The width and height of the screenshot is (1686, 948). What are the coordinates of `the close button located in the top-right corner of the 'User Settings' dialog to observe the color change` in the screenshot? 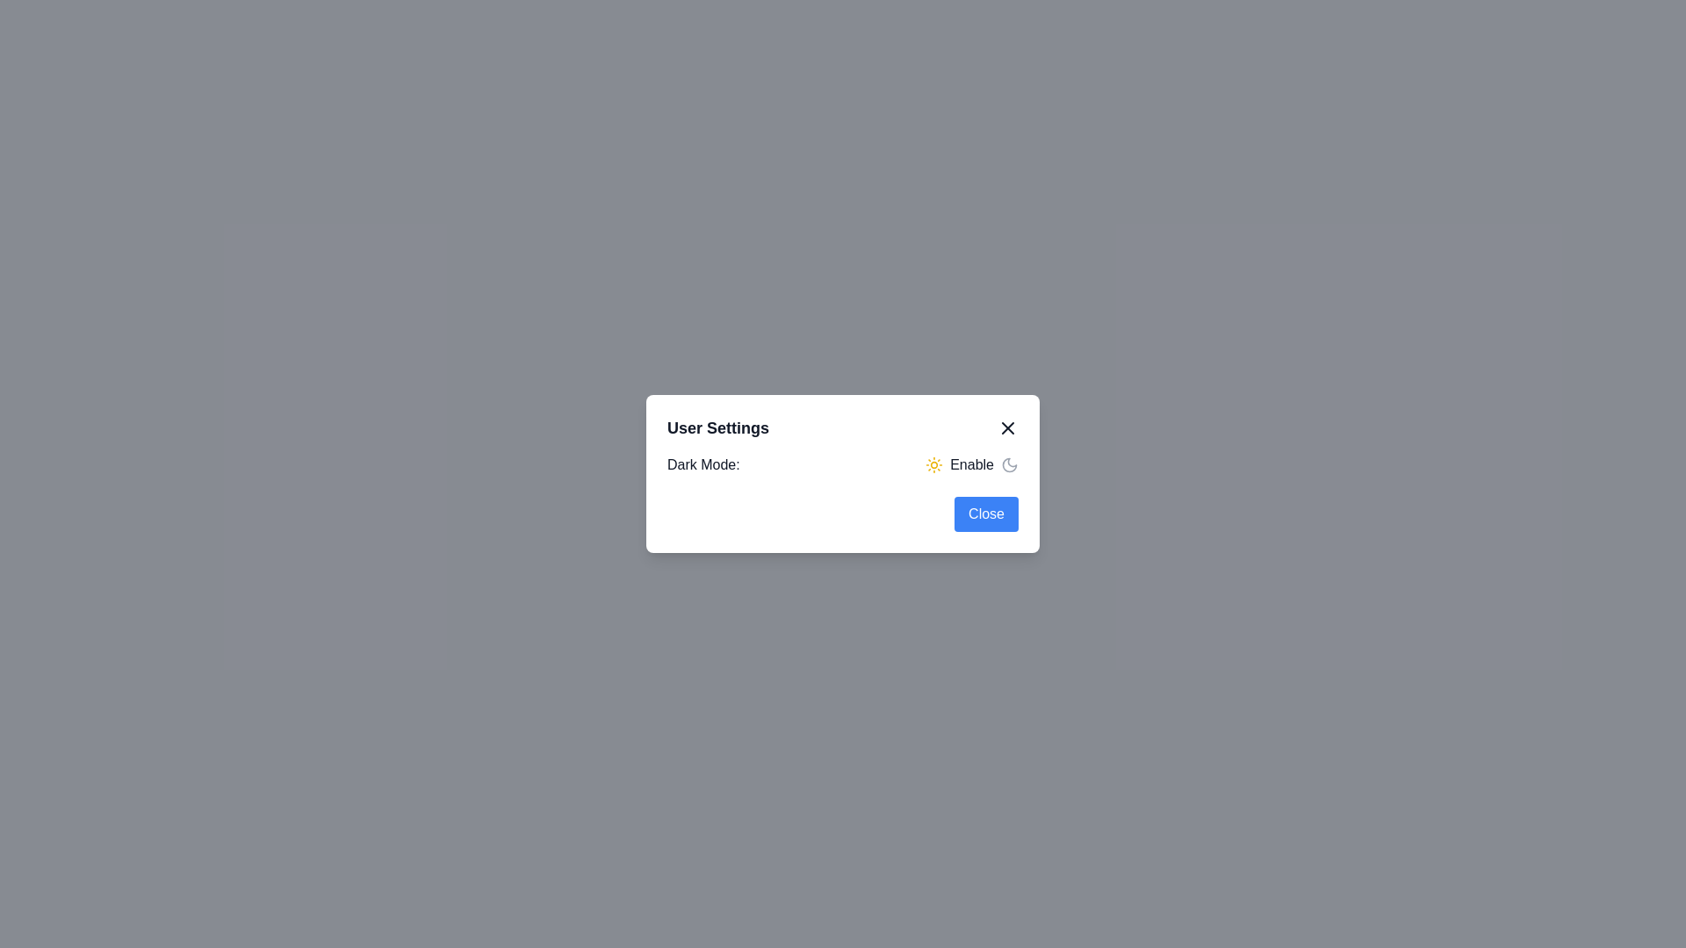 It's located at (1007, 428).